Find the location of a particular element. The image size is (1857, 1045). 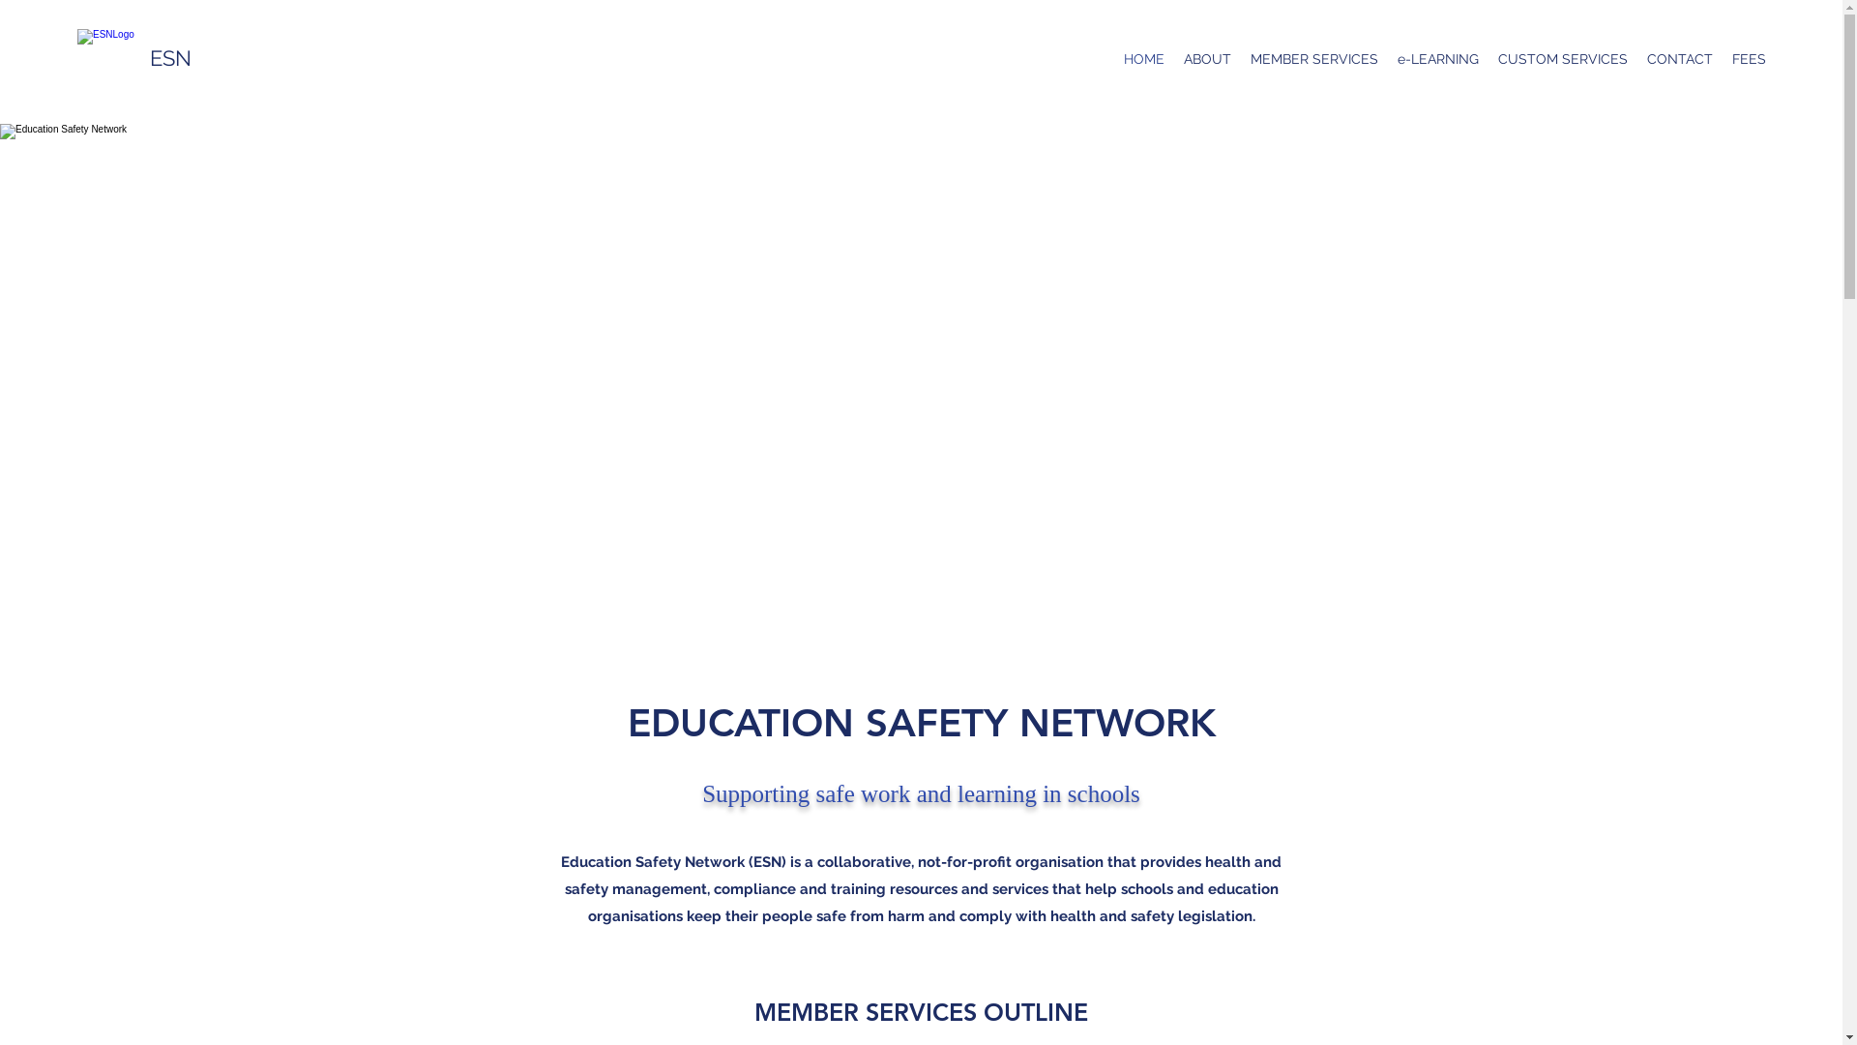

'ABOUT' is located at coordinates (1206, 58).